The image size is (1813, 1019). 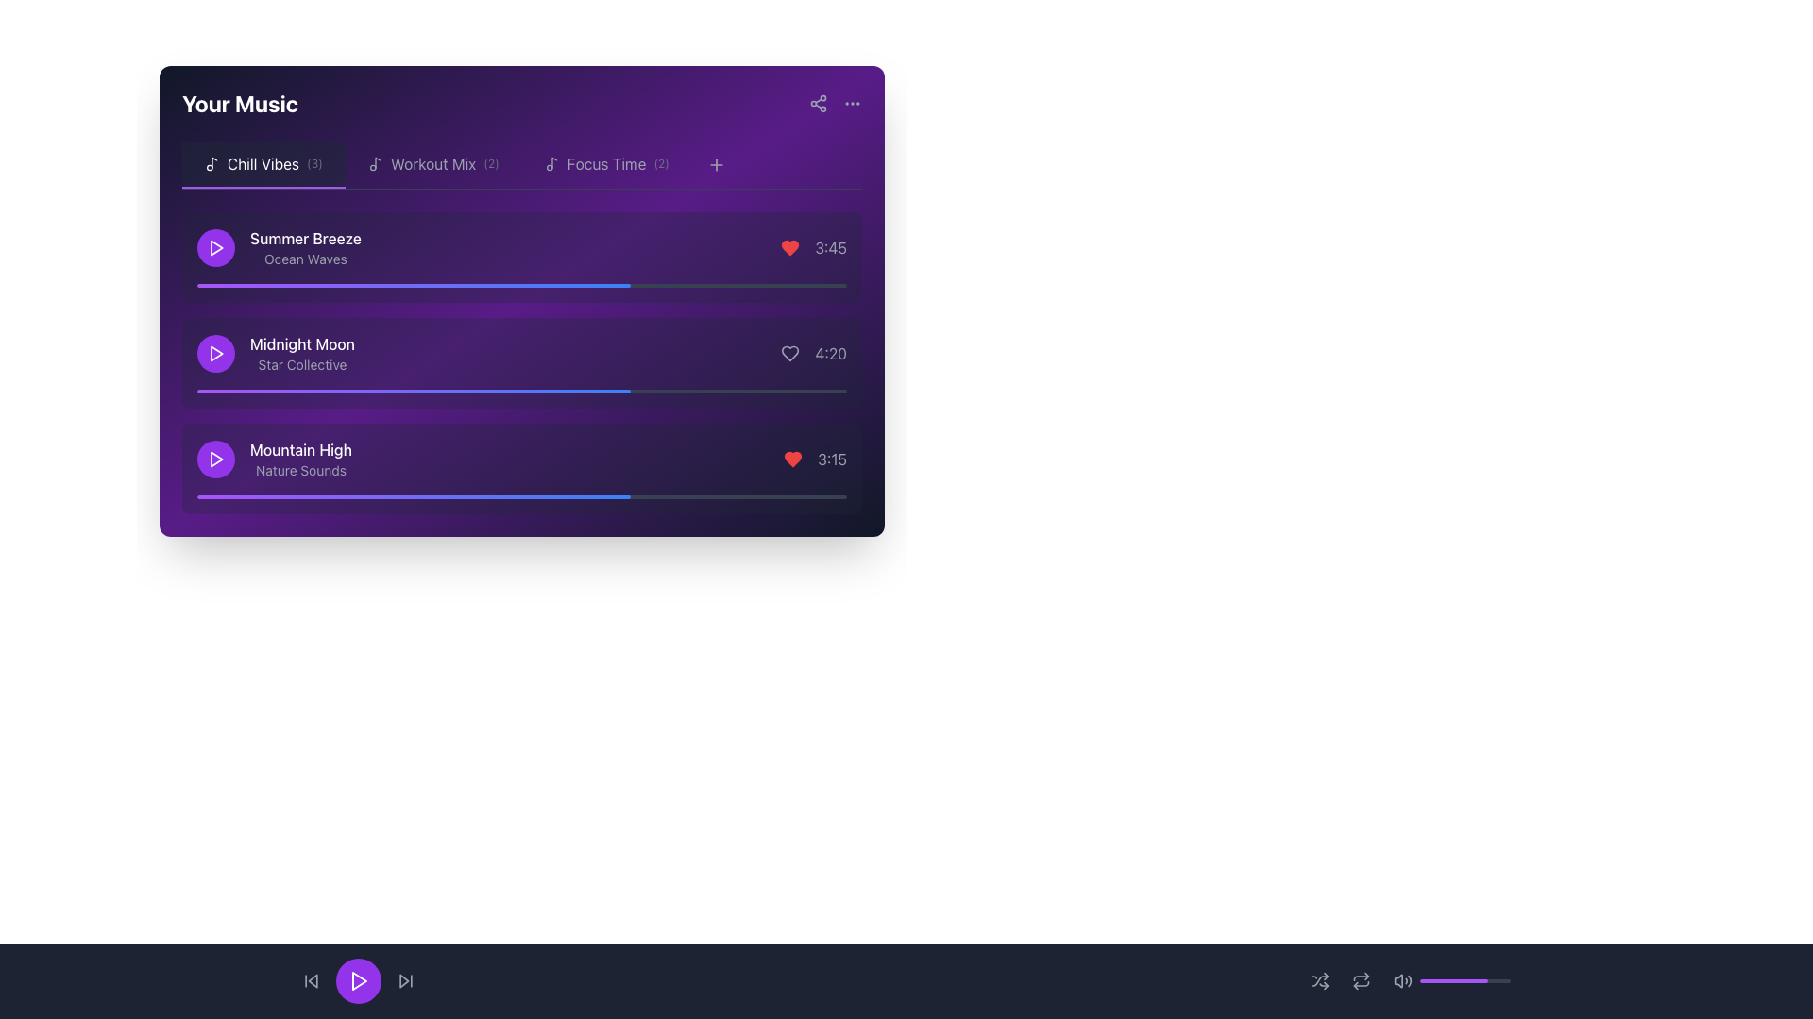 I want to click on the share icon located at the top right of the 'Your Music' purple panel to initiate the share action, so click(x=819, y=104).